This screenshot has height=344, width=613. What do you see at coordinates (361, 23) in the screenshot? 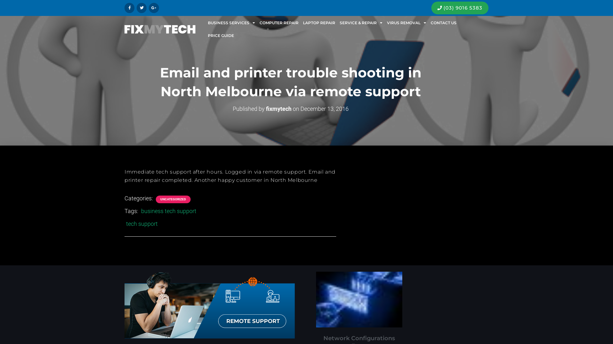
I see `'SERVICE & REPAIR'` at bounding box center [361, 23].